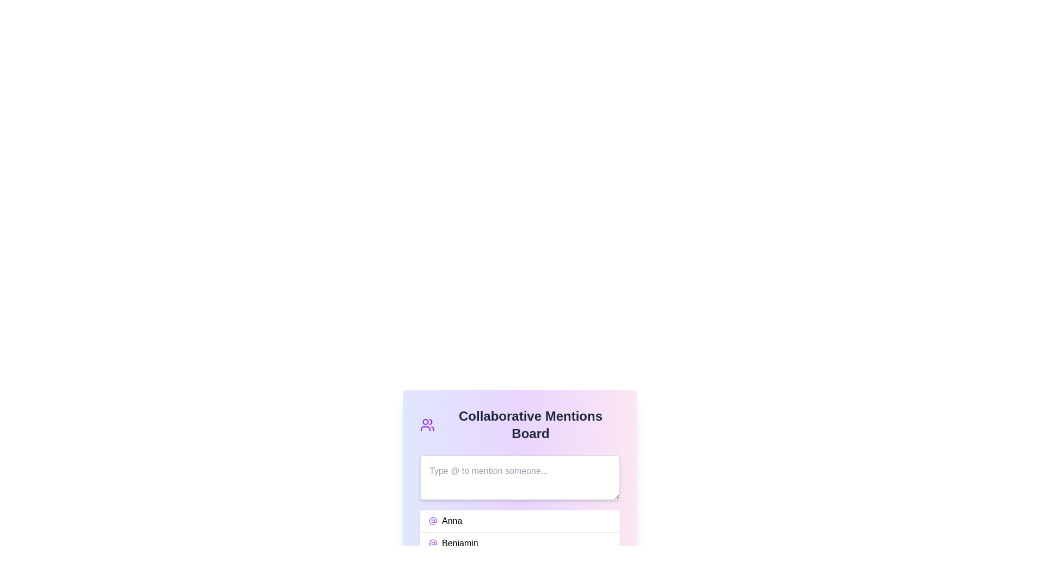 Image resolution: width=1045 pixels, height=587 pixels. Describe the element at coordinates (519, 477) in the screenshot. I see `the text input field for collaborative mentions, which has a placeholder text 'Type @ to mention someone...'` at that location.